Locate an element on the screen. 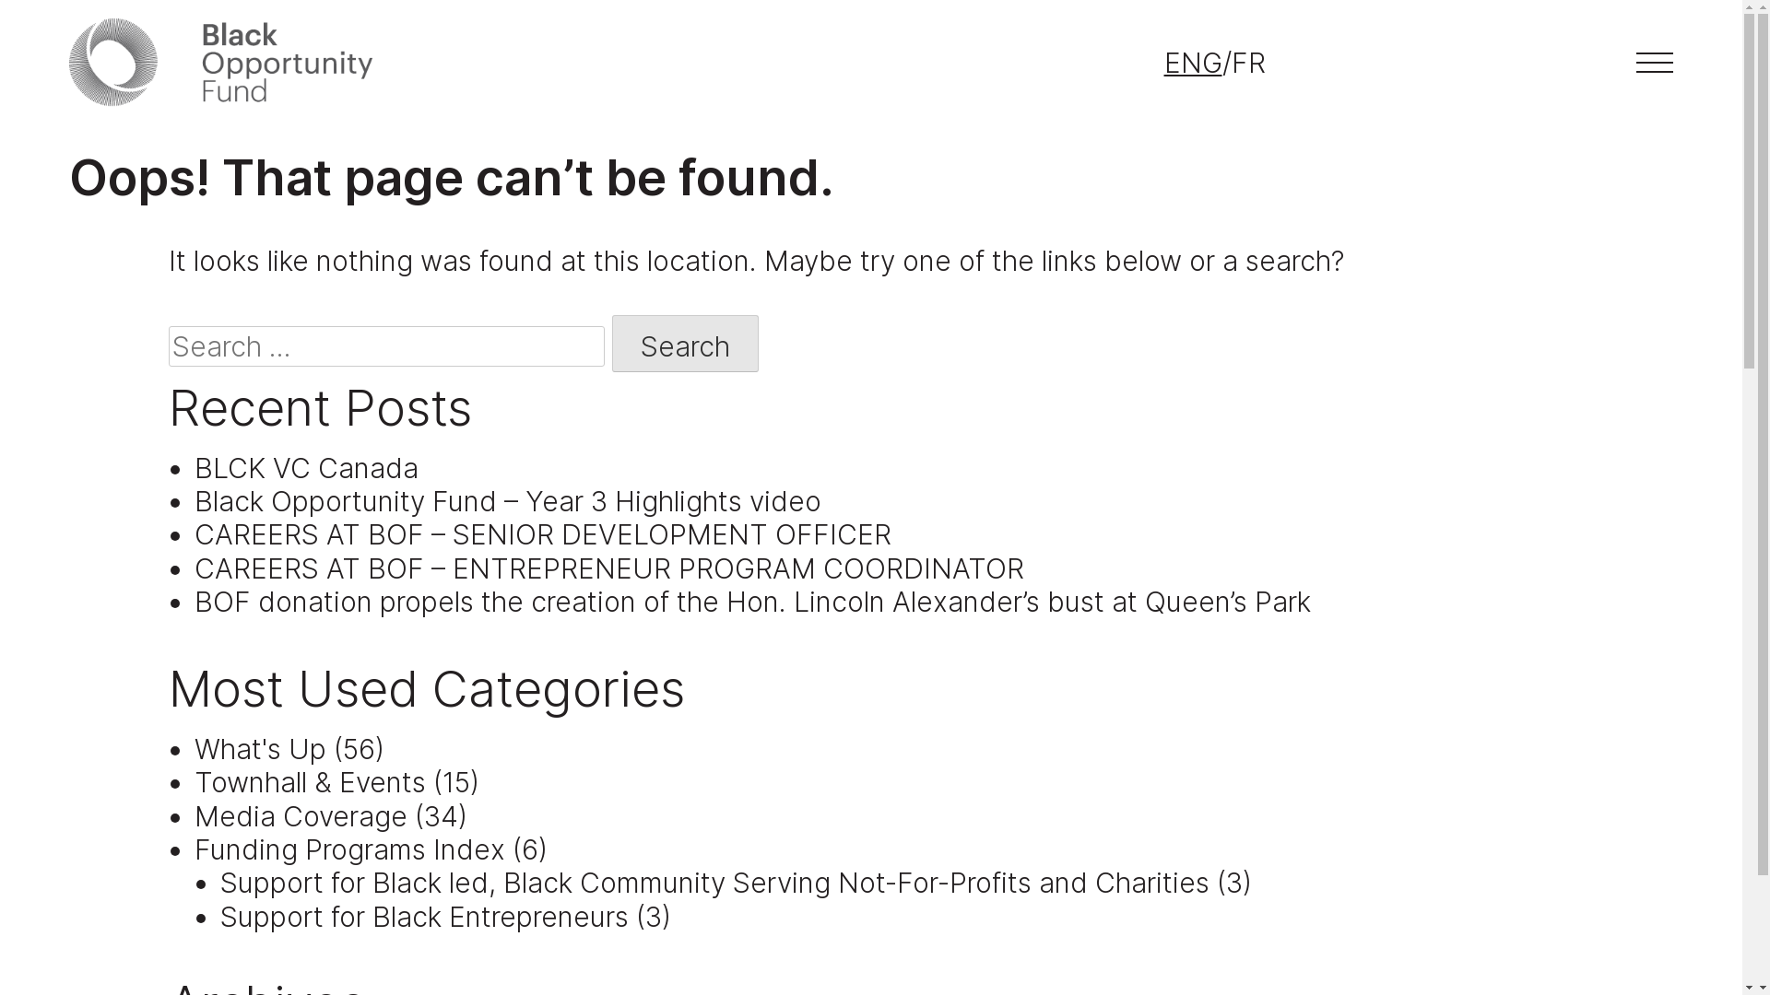 The height and width of the screenshot is (995, 1770). 'BLCK VC Canada' is located at coordinates (306, 467).